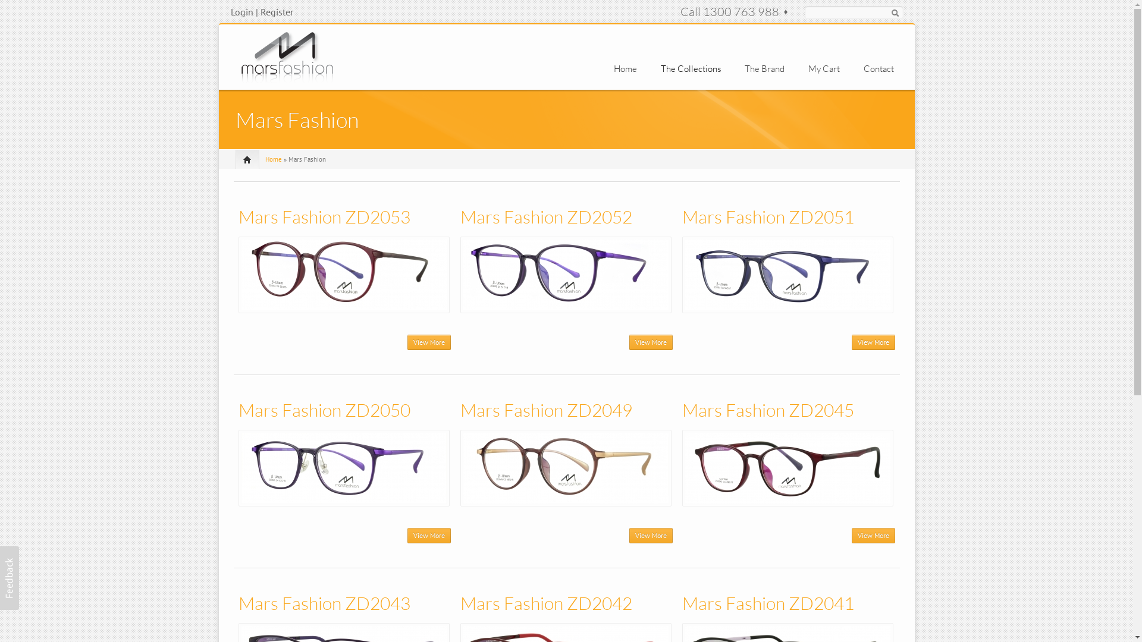 Image resolution: width=1142 pixels, height=642 pixels. Describe the element at coordinates (853, 12) in the screenshot. I see `'Enter the terms you wish to search for.'` at that location.